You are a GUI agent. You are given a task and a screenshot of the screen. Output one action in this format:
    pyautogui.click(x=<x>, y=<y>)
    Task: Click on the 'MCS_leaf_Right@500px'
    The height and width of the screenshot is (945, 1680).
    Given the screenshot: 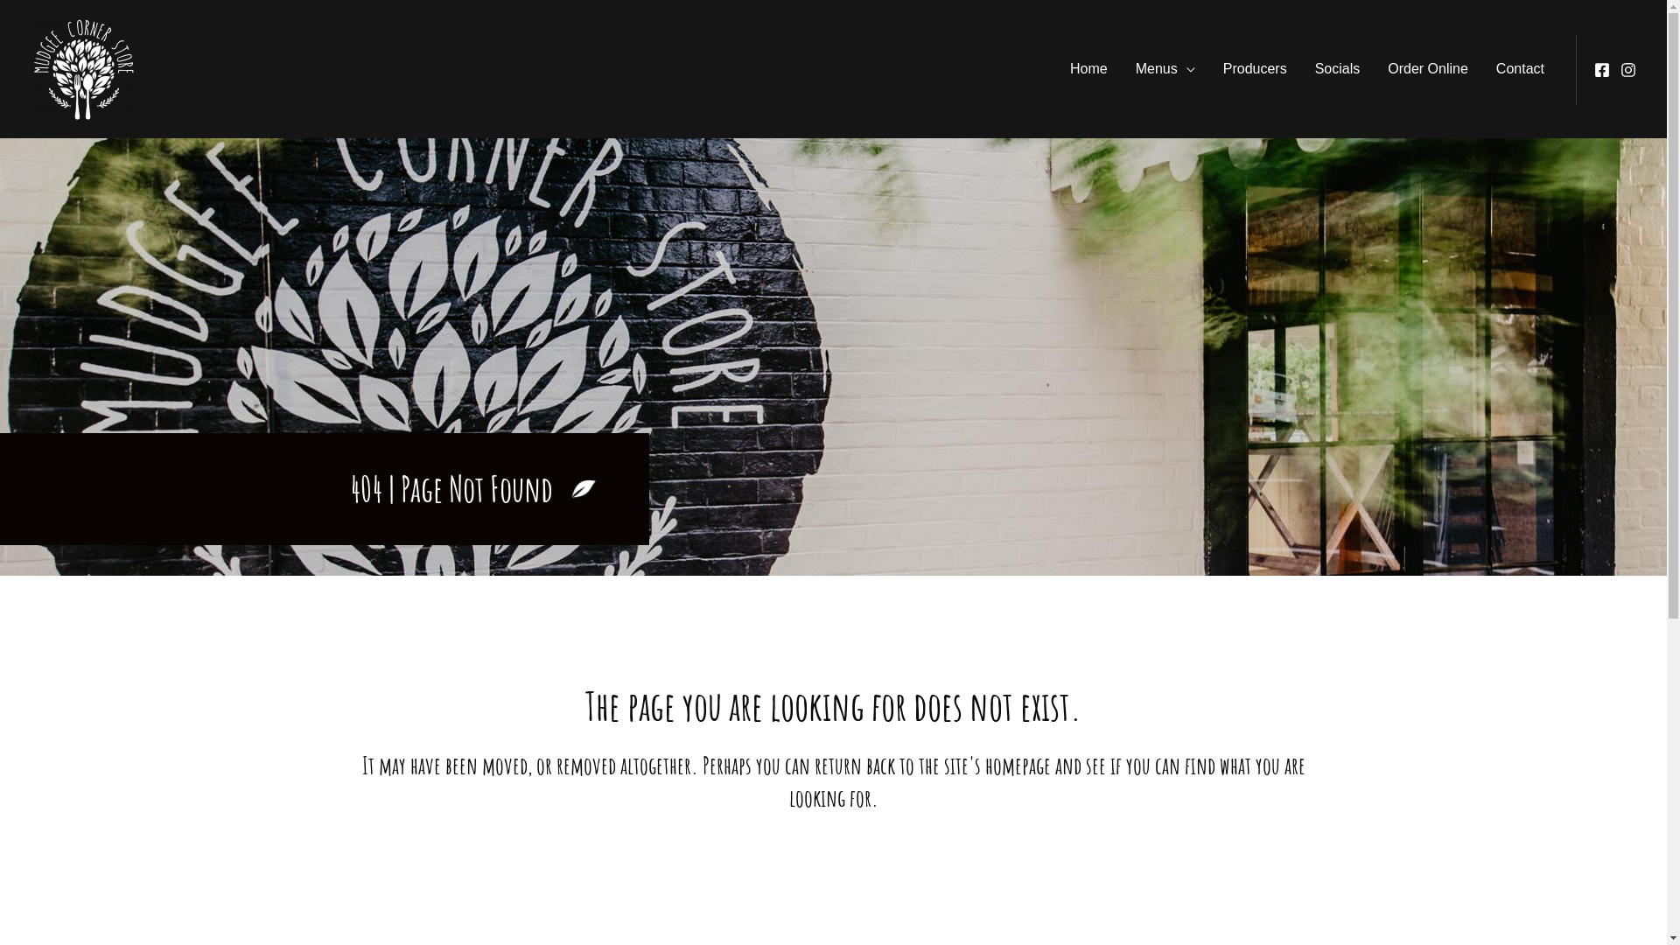 What is the action you would take?
    pyautogui.click(x=570, y=489)
    